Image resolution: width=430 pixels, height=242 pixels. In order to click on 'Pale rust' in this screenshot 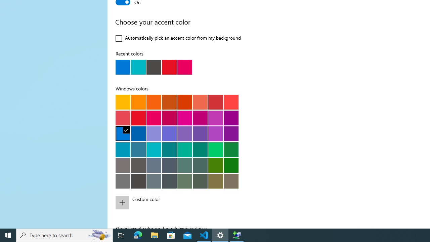, I will do `click(200, 102)`.